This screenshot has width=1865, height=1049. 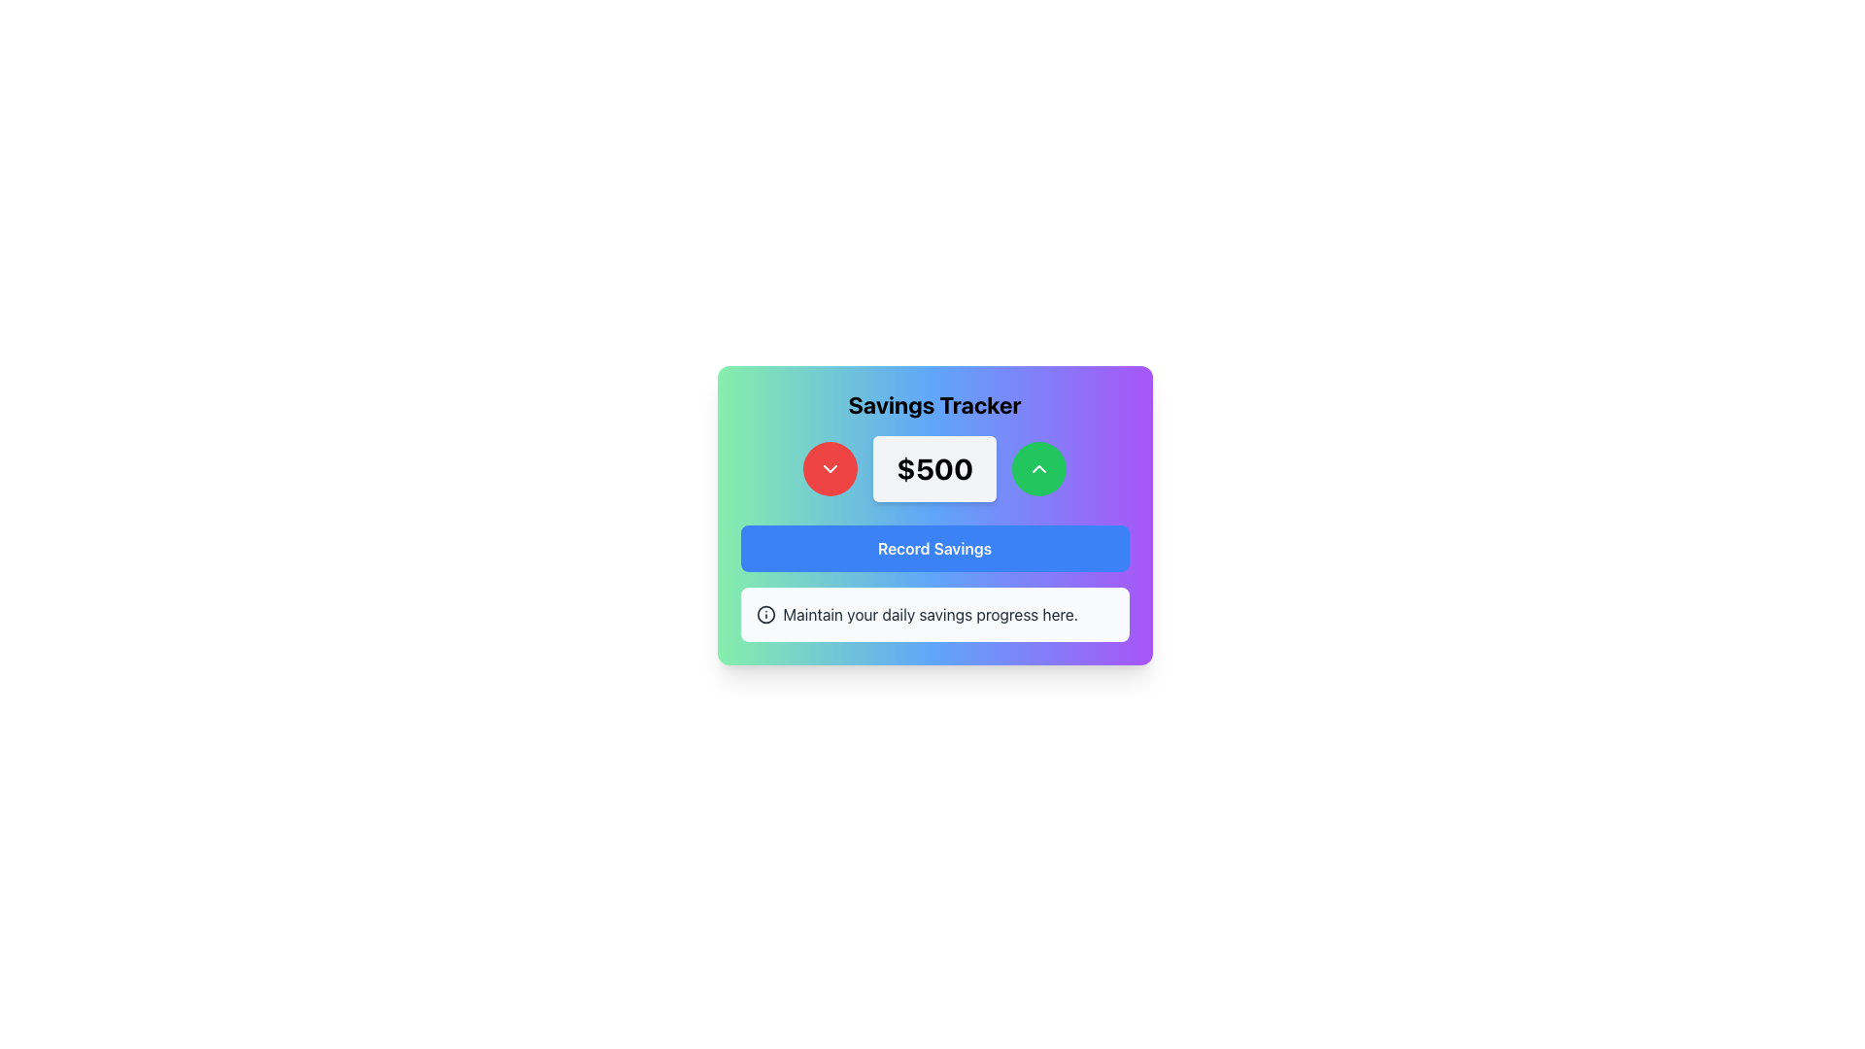 What do you see at coordinates (1038, 468) in the screenshot?
I see `the circular green button with a white upward-pointing chevron located on the rightmost side of a row of three elements` at bounding box center [1038, 468].